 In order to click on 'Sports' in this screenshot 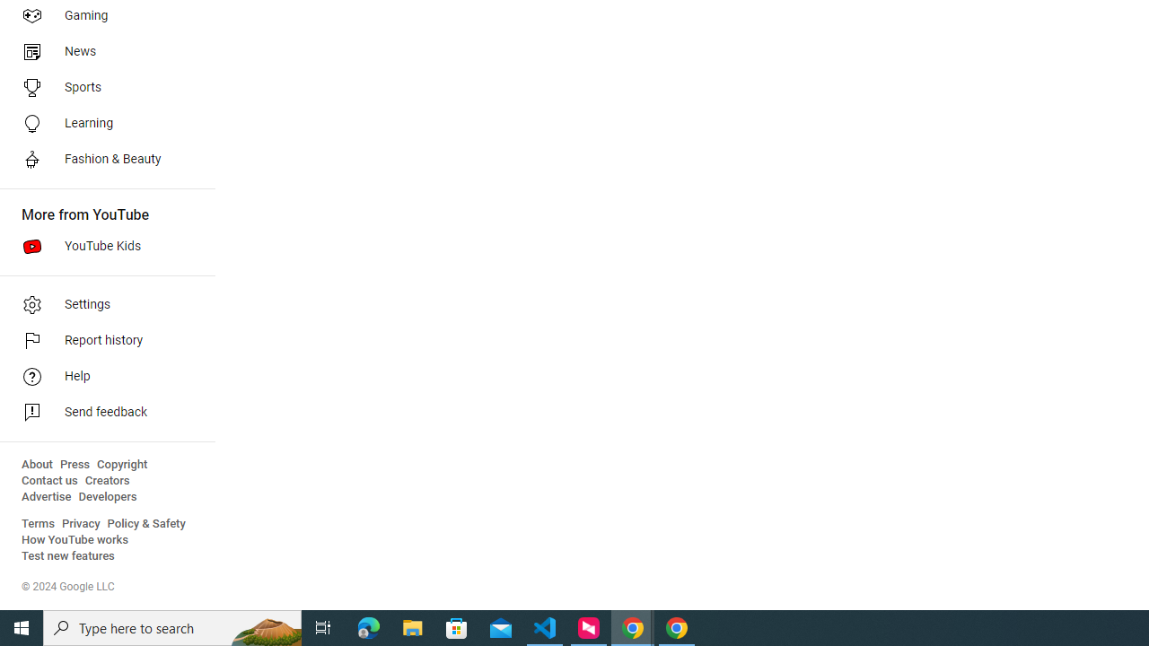, I will do `click(101, 87)`.